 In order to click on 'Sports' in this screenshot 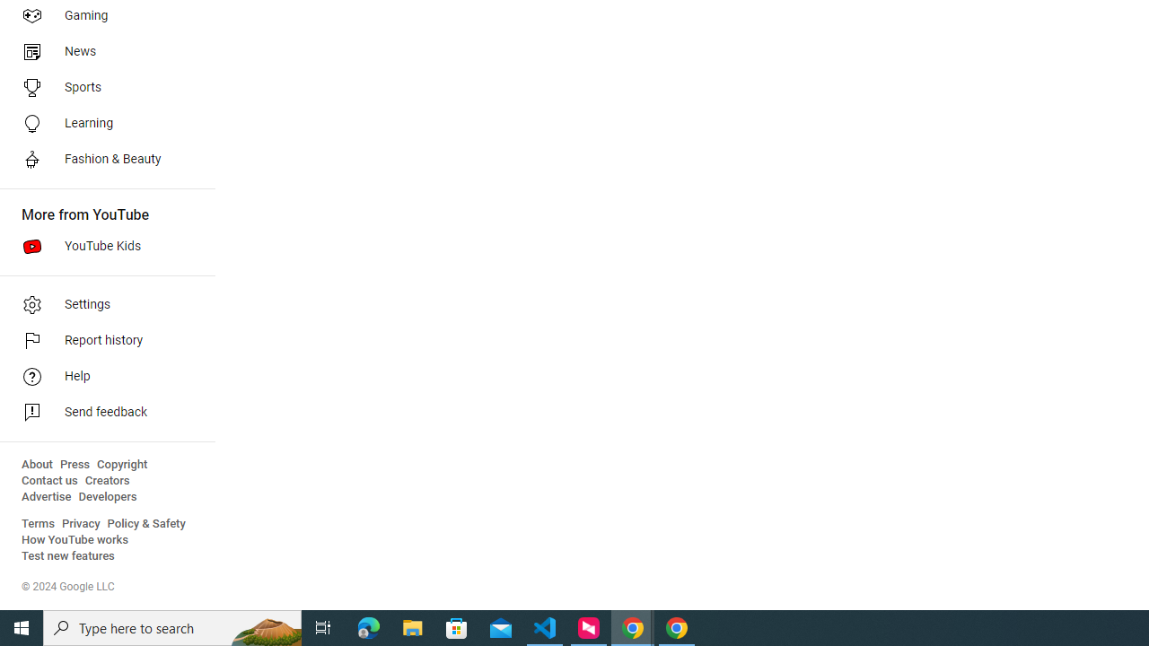, I will do `click(101, 87)`.